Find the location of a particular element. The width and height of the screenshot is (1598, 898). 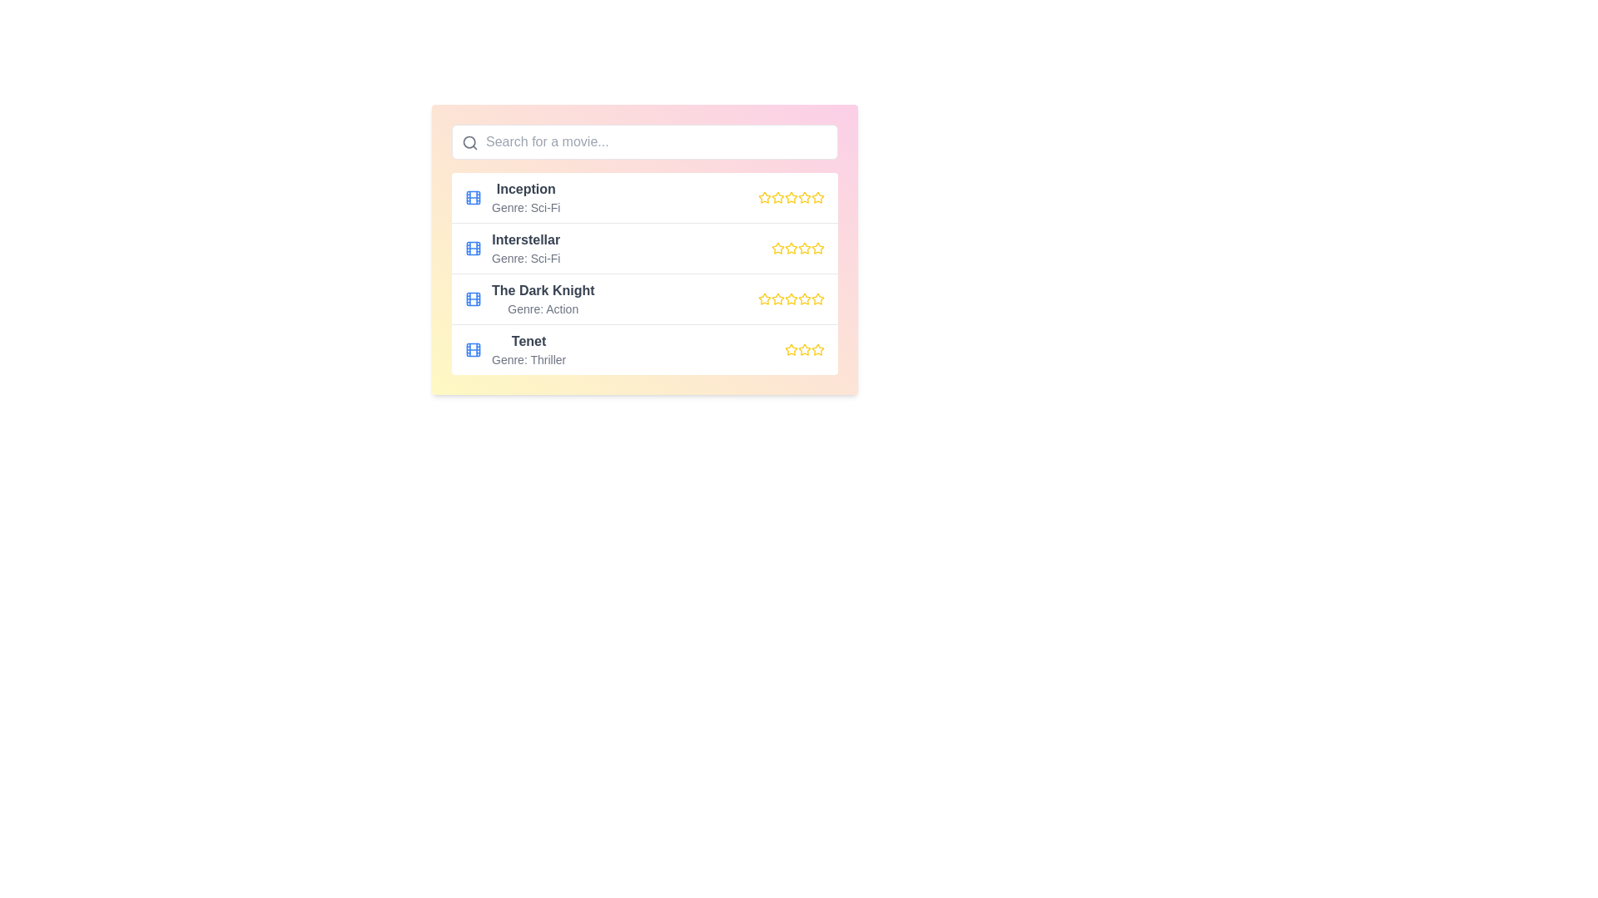

the last yellow star-shaped rating graphic in the rating section for the movie 'Tenet' is located at coordinates (804, 348).